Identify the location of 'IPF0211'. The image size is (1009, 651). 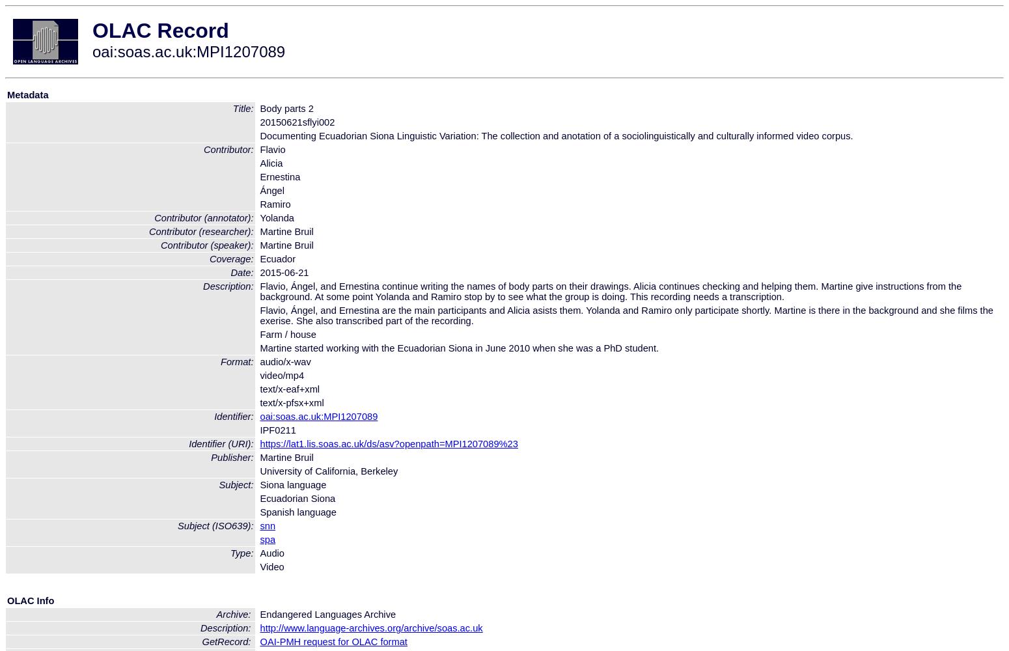
(277, 430).